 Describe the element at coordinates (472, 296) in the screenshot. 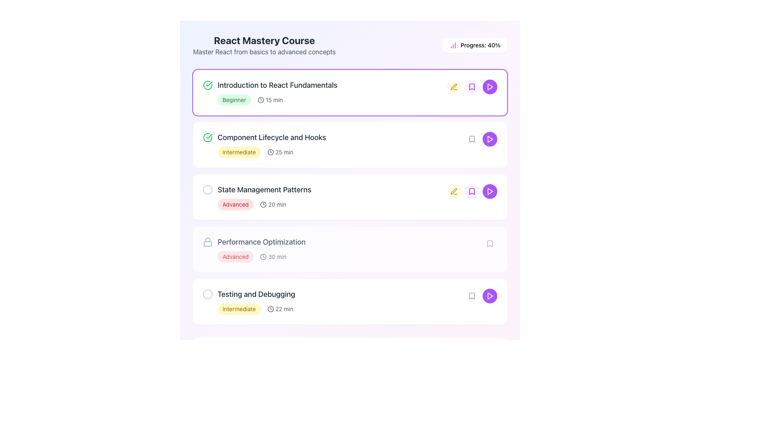

I see `the bookmark icon button located in the fifth row of the list` at that location.